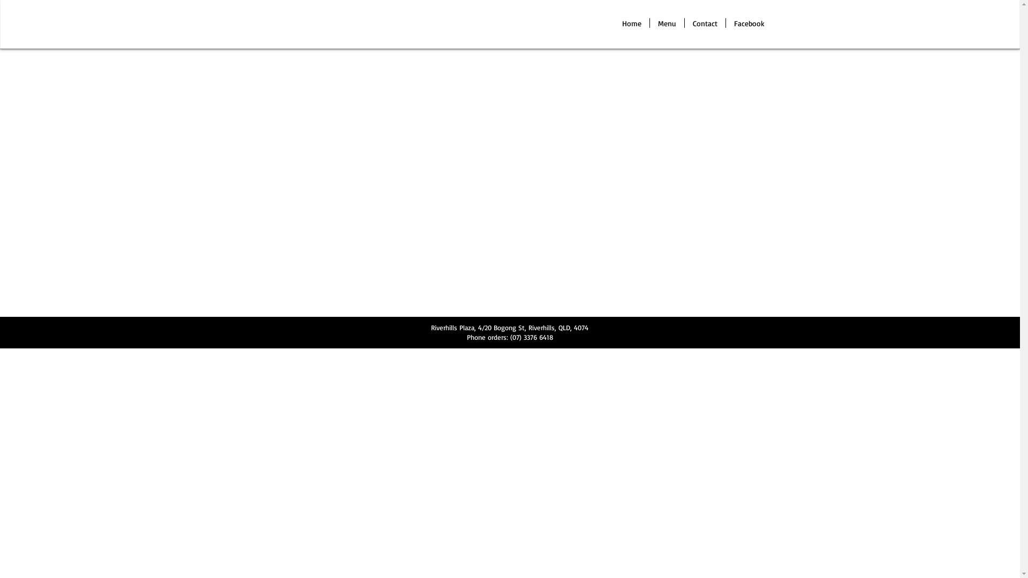  What do you see at coordinates (683, 22) in the screenshot?
I see `'Contact'` at bounding box center [683, 22].